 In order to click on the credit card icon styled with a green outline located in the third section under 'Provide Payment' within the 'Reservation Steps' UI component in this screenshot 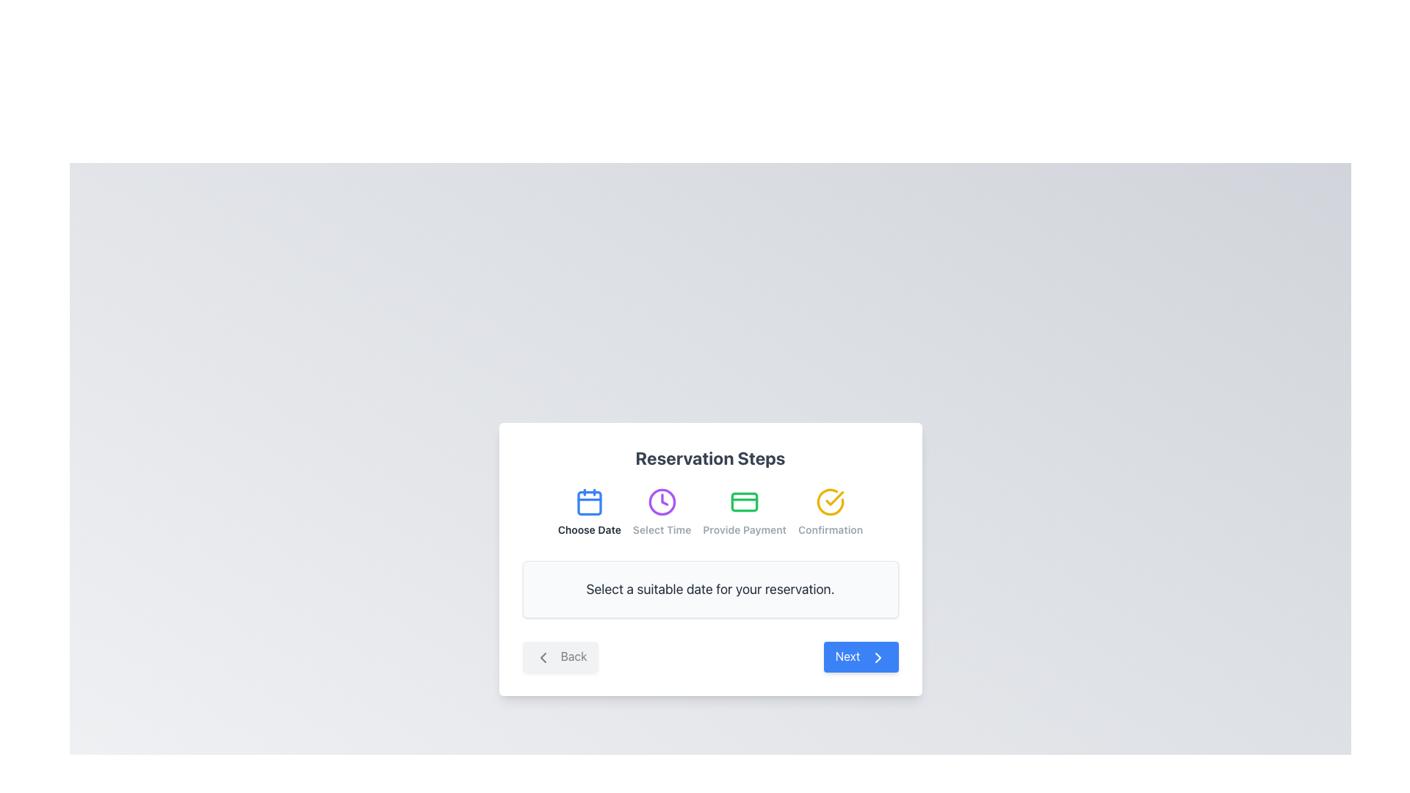, I will do `click(745, 501)`.